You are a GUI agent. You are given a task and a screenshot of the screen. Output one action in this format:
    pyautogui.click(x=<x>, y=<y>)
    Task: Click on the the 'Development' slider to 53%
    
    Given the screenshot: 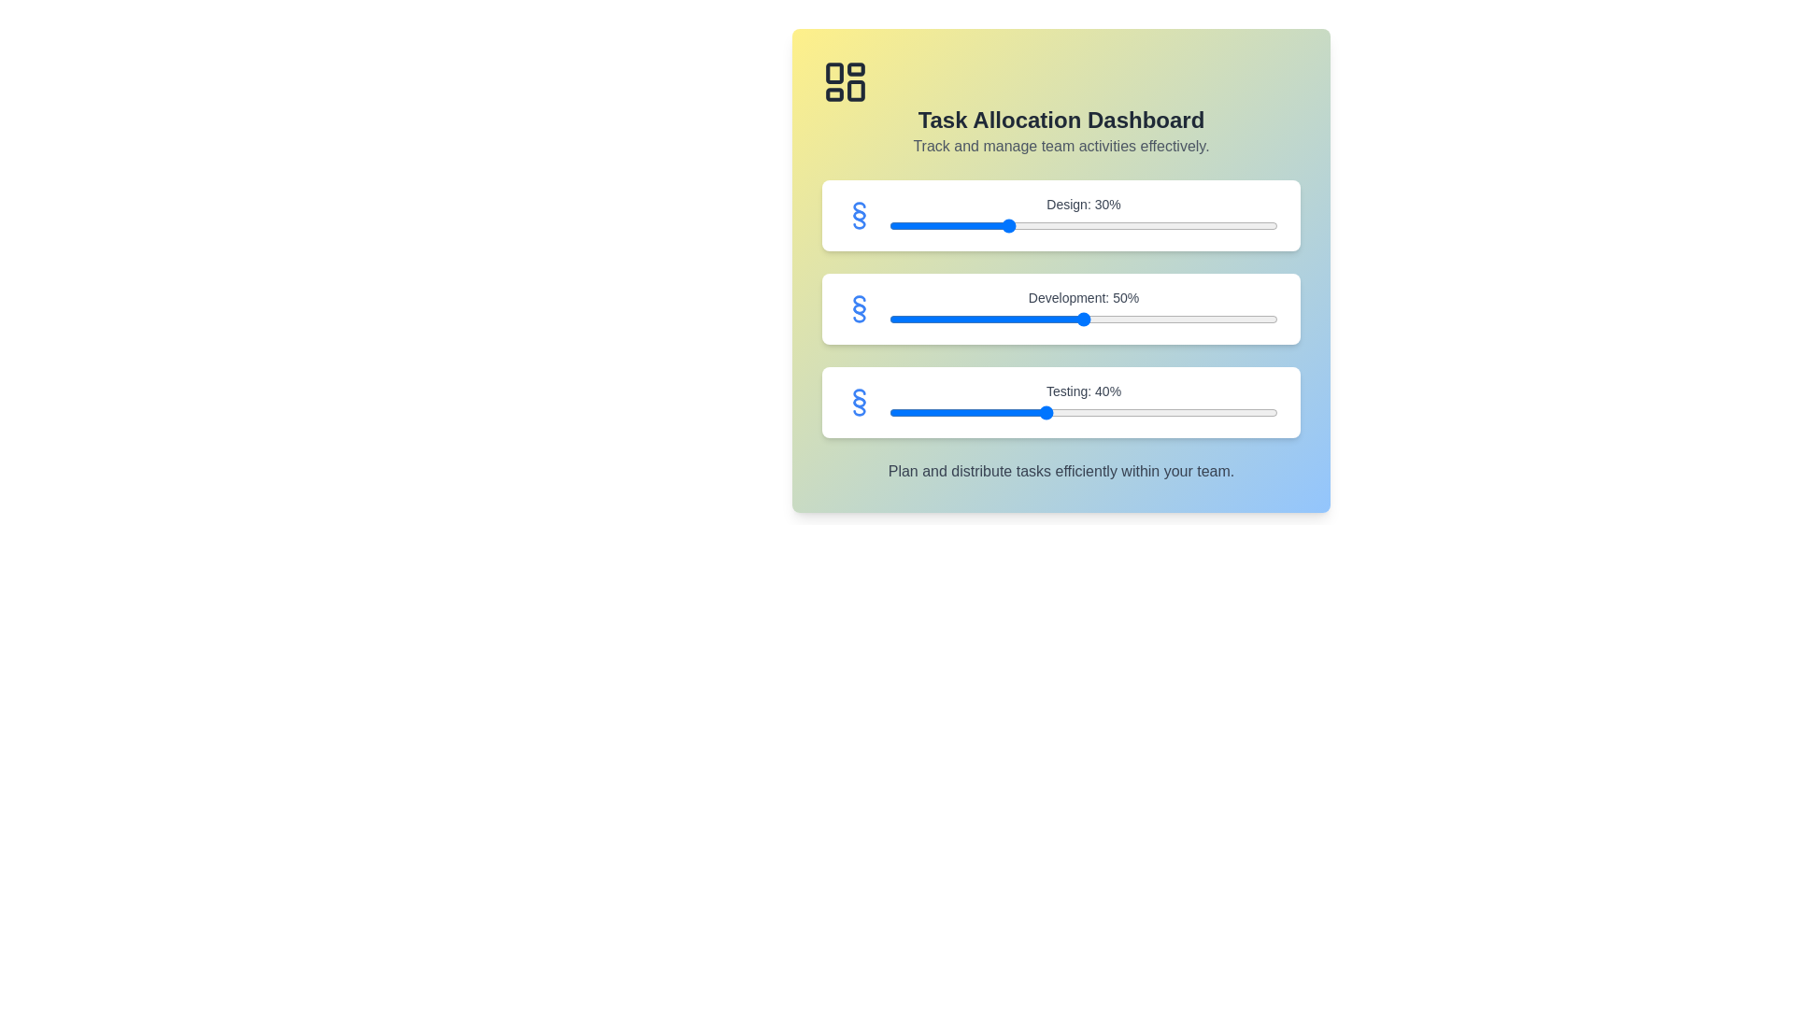 What is the action you would take?
    pyautogui.click(x=1095, y=319)
    